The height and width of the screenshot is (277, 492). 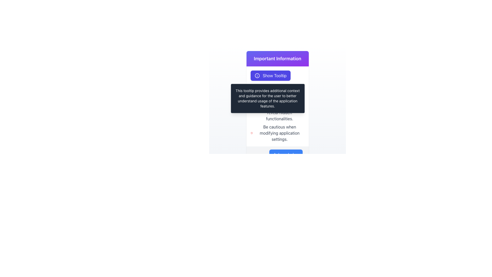 What do you see at coordinates (257, 75) in the screenshot?
I see `the Circle (SVG Element) within the 'Show Tooltip' button located beneath the 'Important Information' title` at bounding box center [257, 75].